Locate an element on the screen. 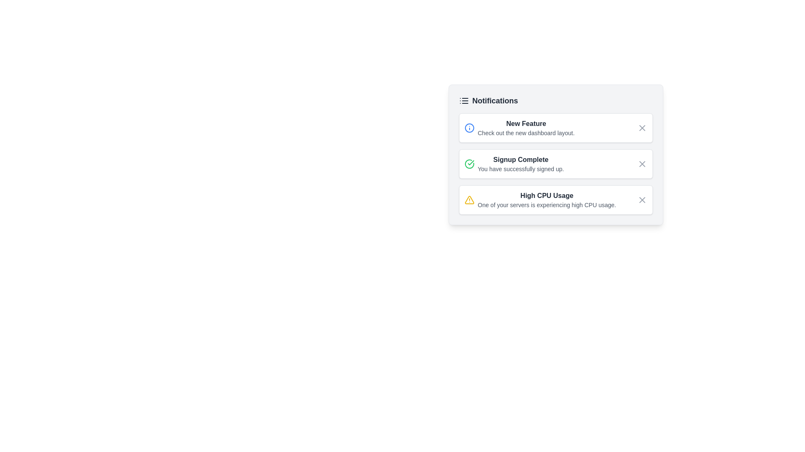 Image resolution: width=805 pixels, height=452 pixels. confirmation message displayed in the textual announcement component, which contains the title 'Signup Complete' and the subtitle 'You have successfully signed up.' is located at coordinates (520, 164).